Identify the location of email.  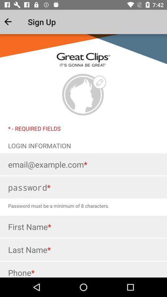
(83, 164).